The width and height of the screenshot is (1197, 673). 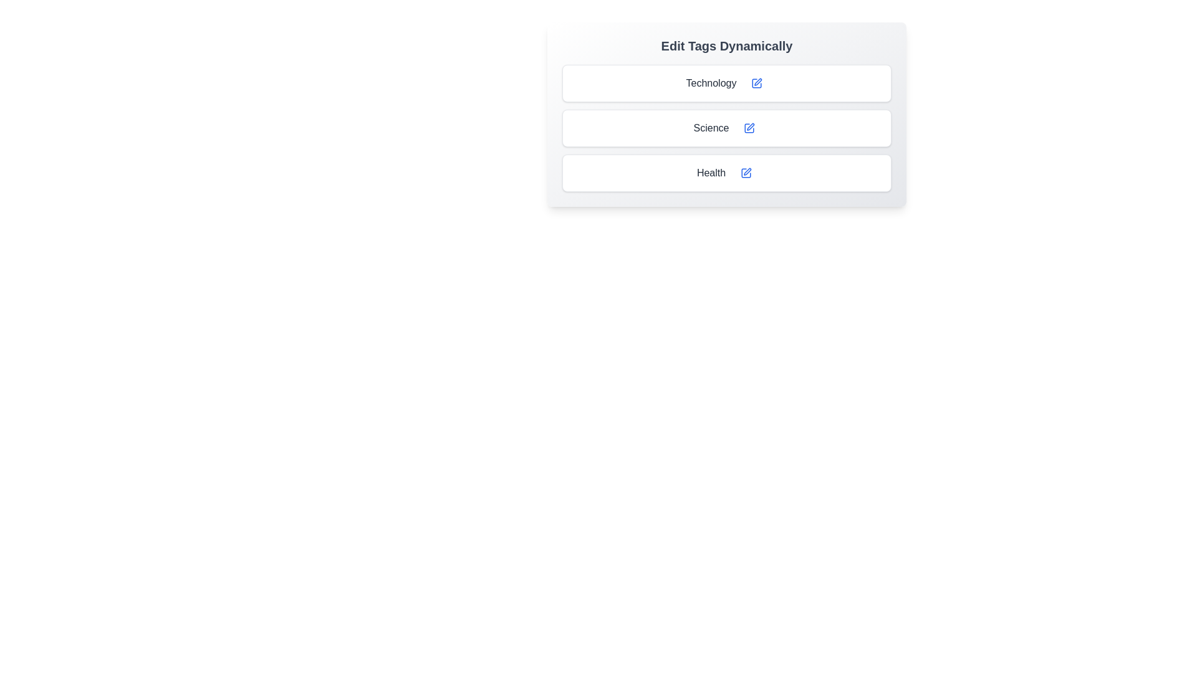 I want to click on the edit icon next to the Health tag, so click(x=746, y=173).